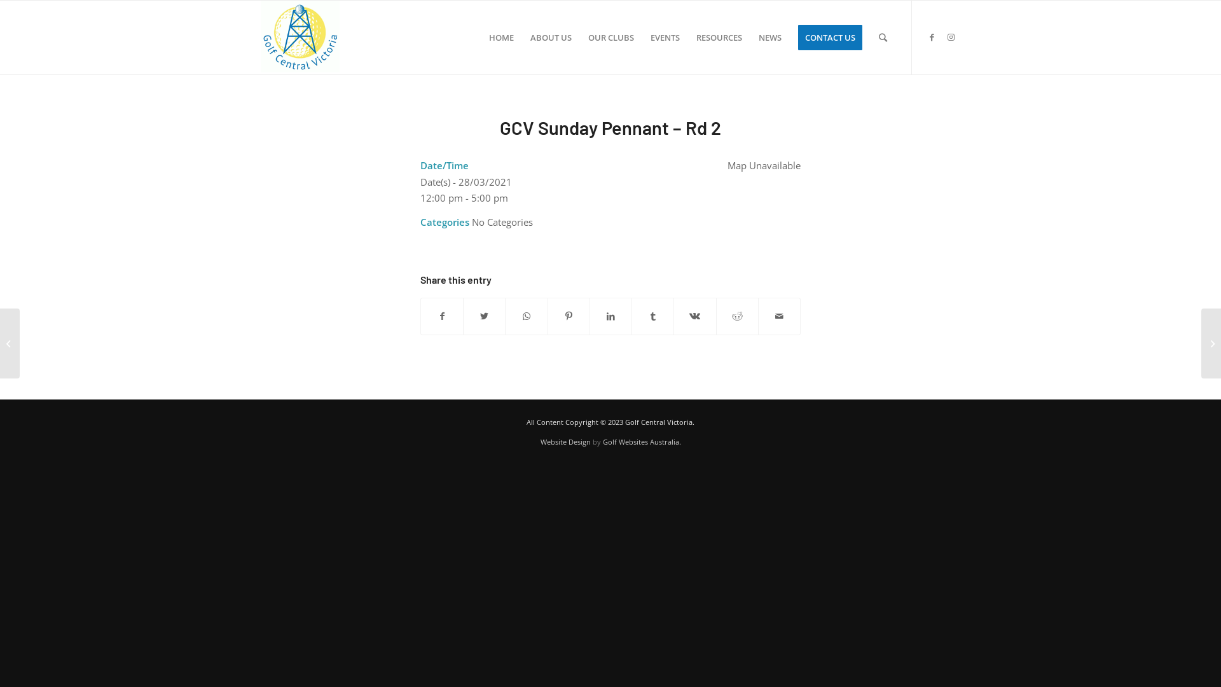  Describe the element at coordinates (830, 36) in the screenshot. I see `'CONTACT US'` at that location.